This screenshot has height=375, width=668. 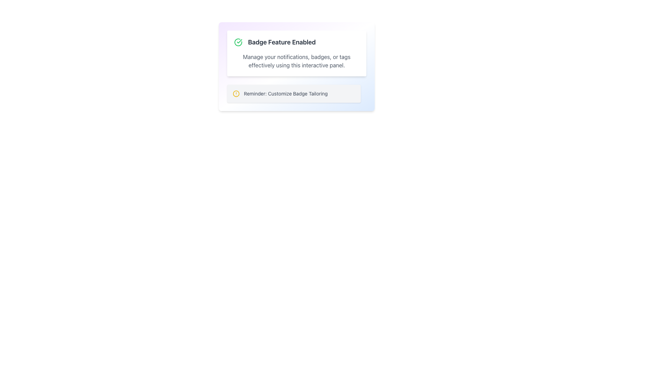 I want to click on the text block displaying 'Reminder: Customize Badge Tailoring', so click(x=286, y=94).